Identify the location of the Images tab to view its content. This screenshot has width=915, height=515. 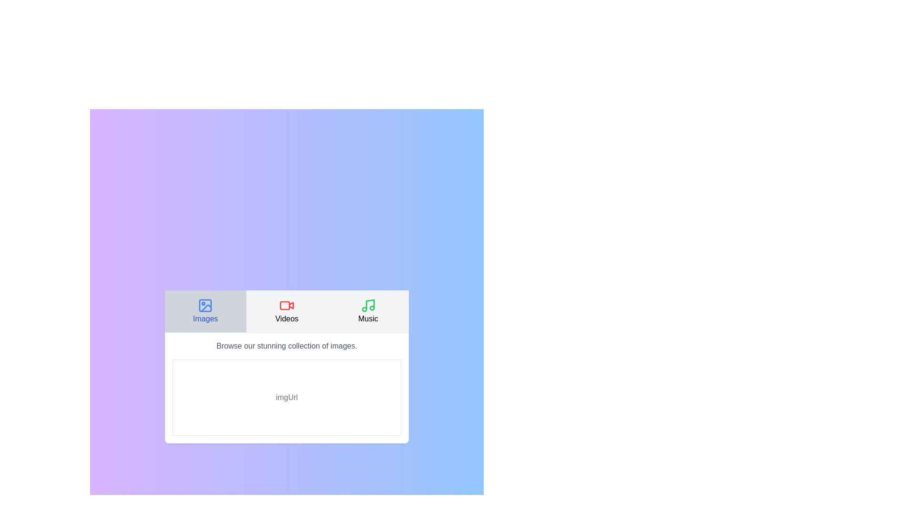
(205, 310).